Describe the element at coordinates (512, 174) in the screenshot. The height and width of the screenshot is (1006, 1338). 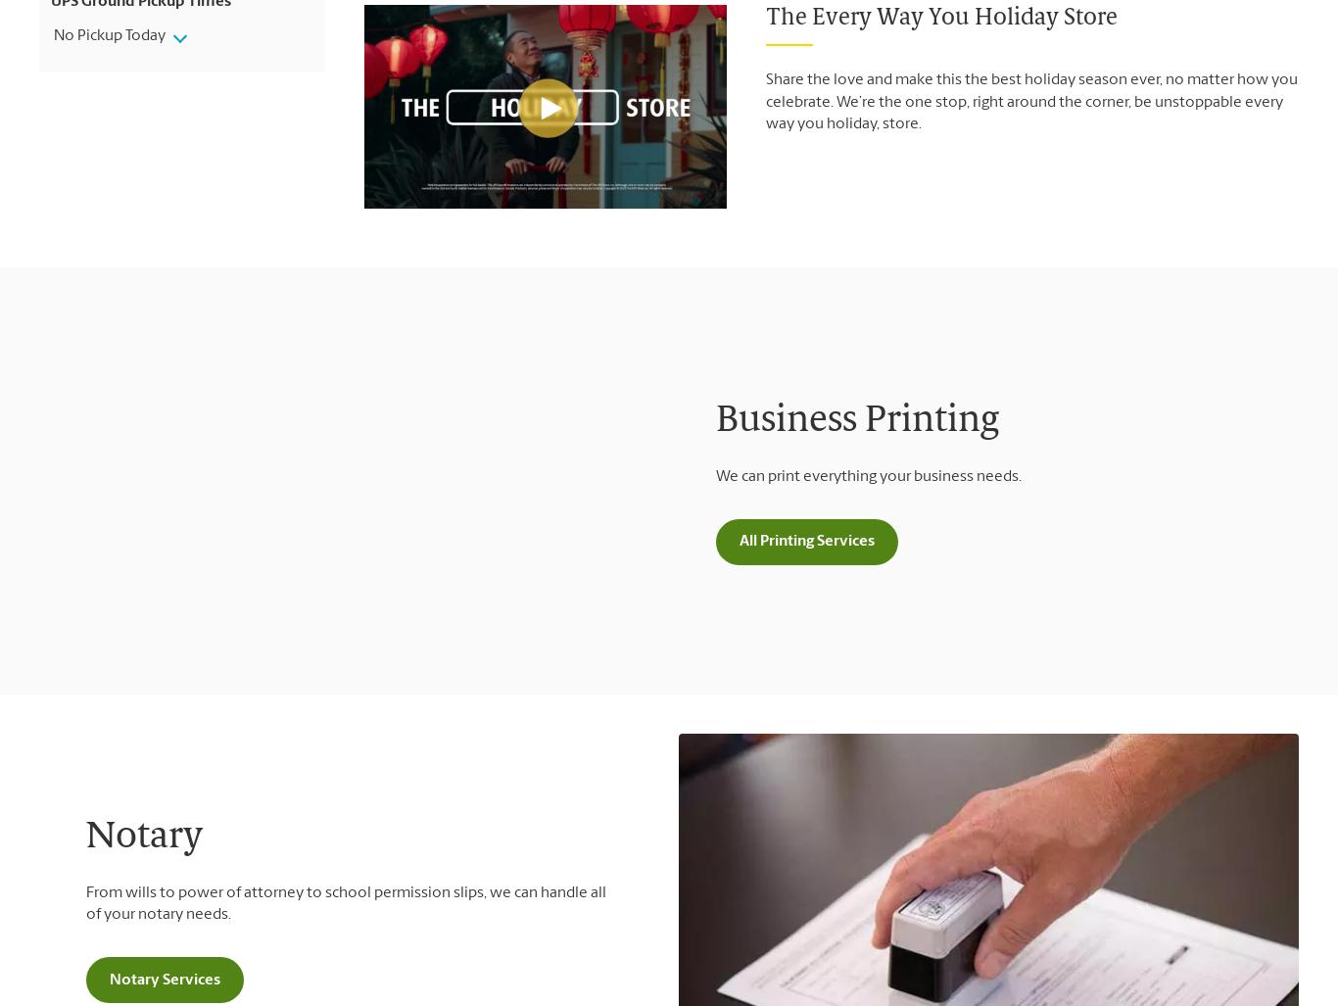
I see `'Accepted Payments'` at that location.